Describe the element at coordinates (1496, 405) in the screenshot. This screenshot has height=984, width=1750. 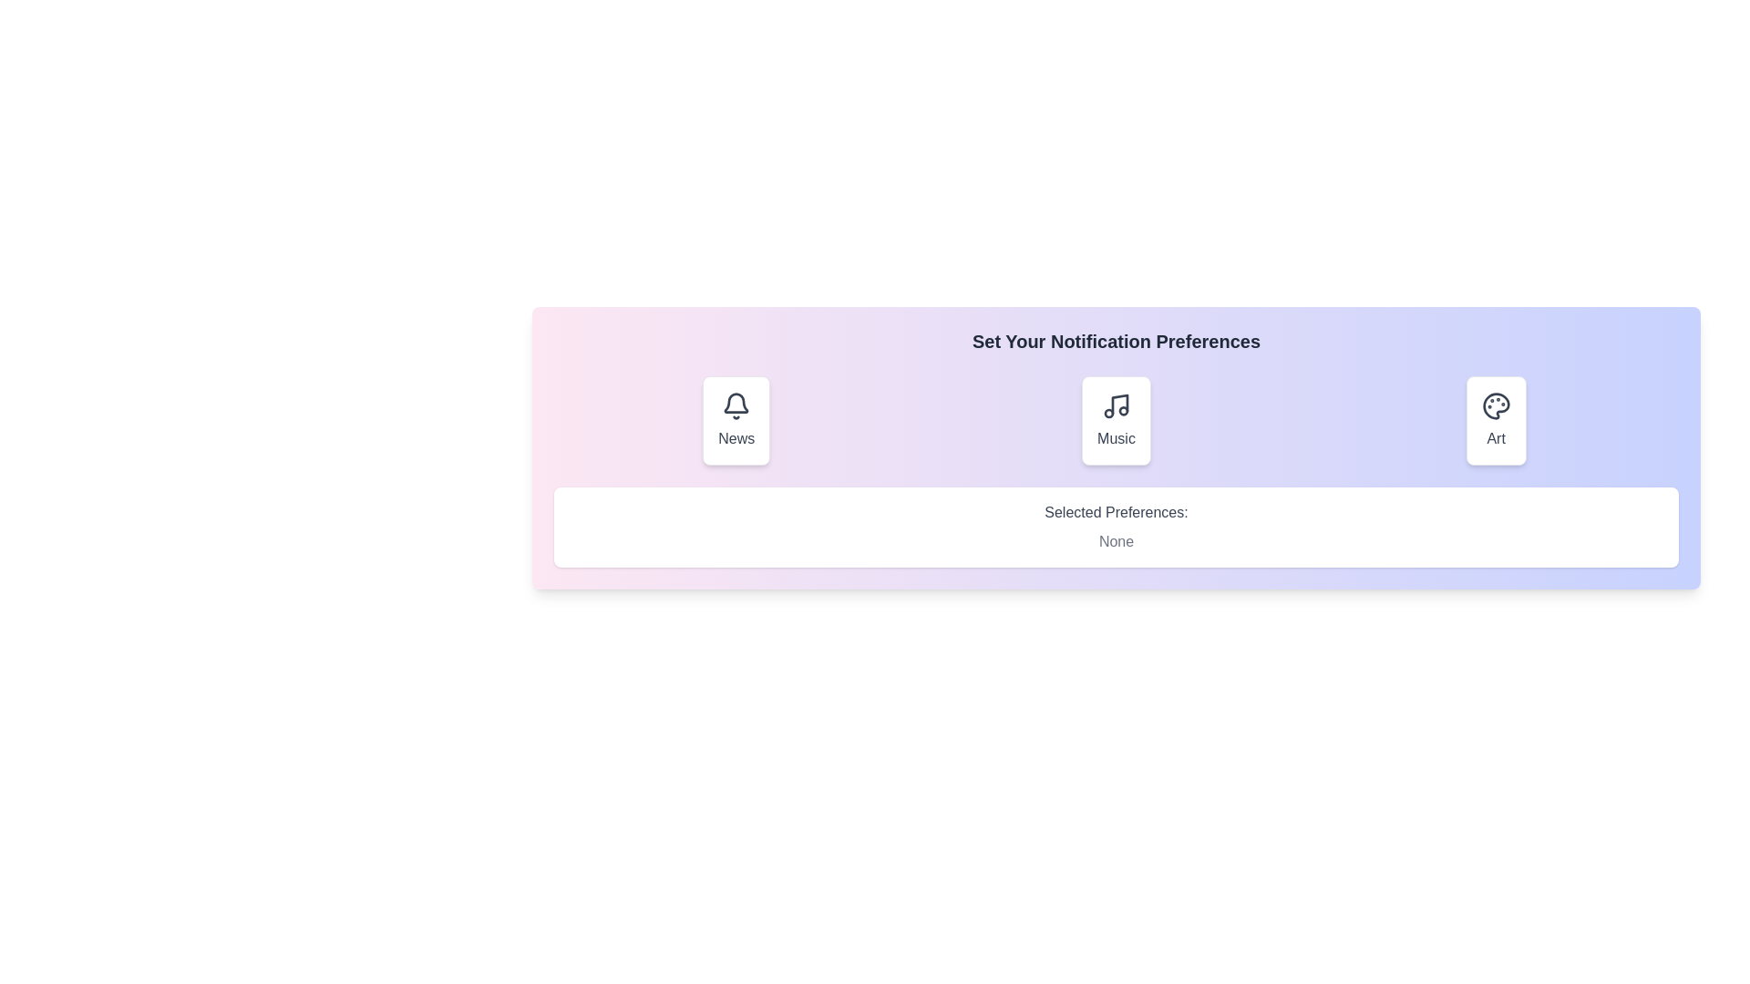
I see `the artist's palette icon on the far-right side of the interface` at that location.